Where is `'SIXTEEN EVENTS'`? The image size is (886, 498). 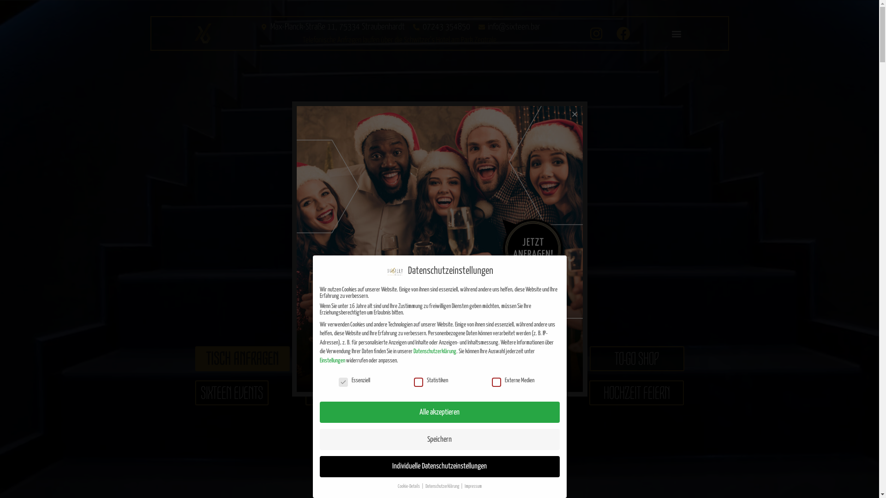 'SIXTEEN EVENTS' is located at coordinates (194, 393).